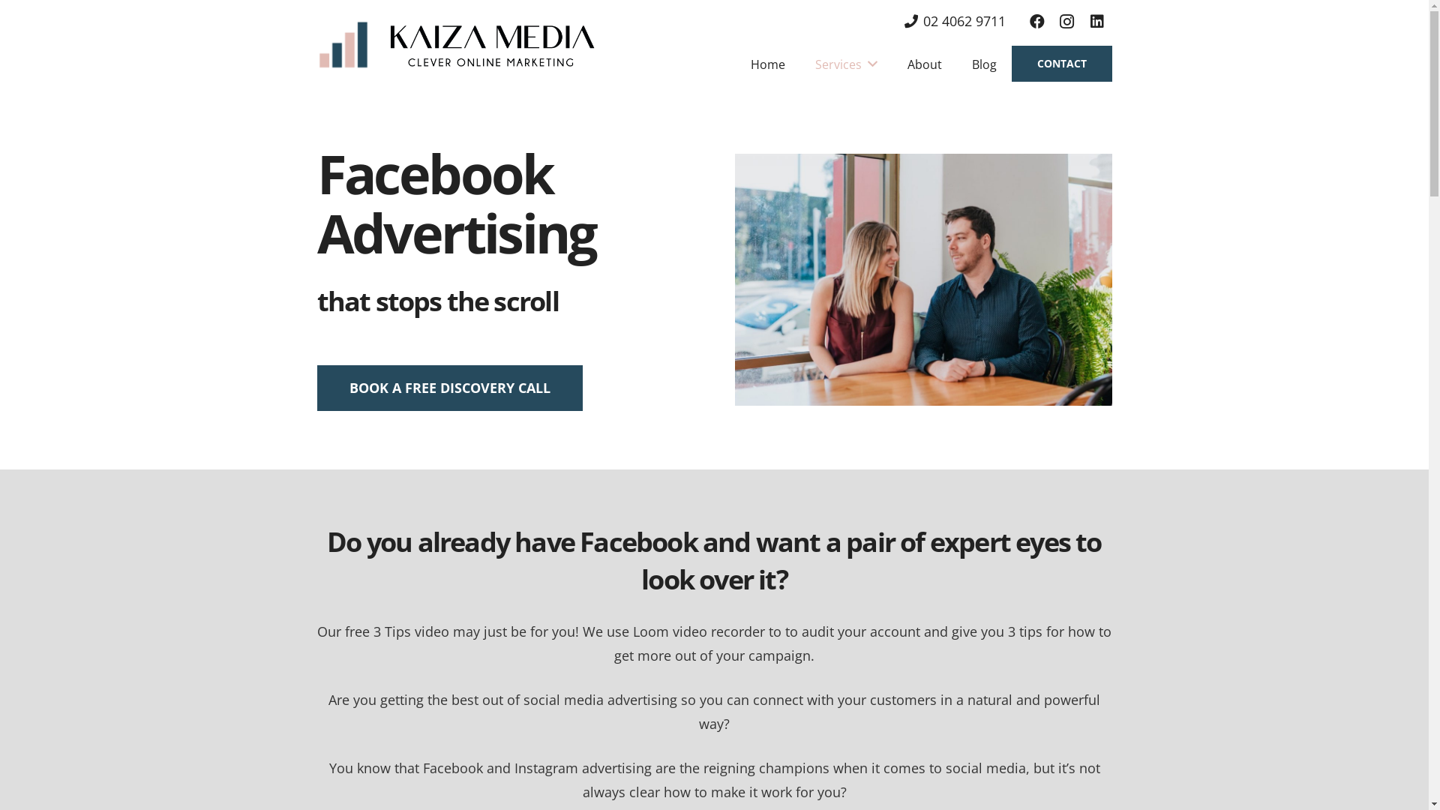 The height and width of the screenshot is (810, 1440). What do you see at coordinates (984, 63) in the screenshot?
I see `'Blog'` at bounding box center [984, 63].